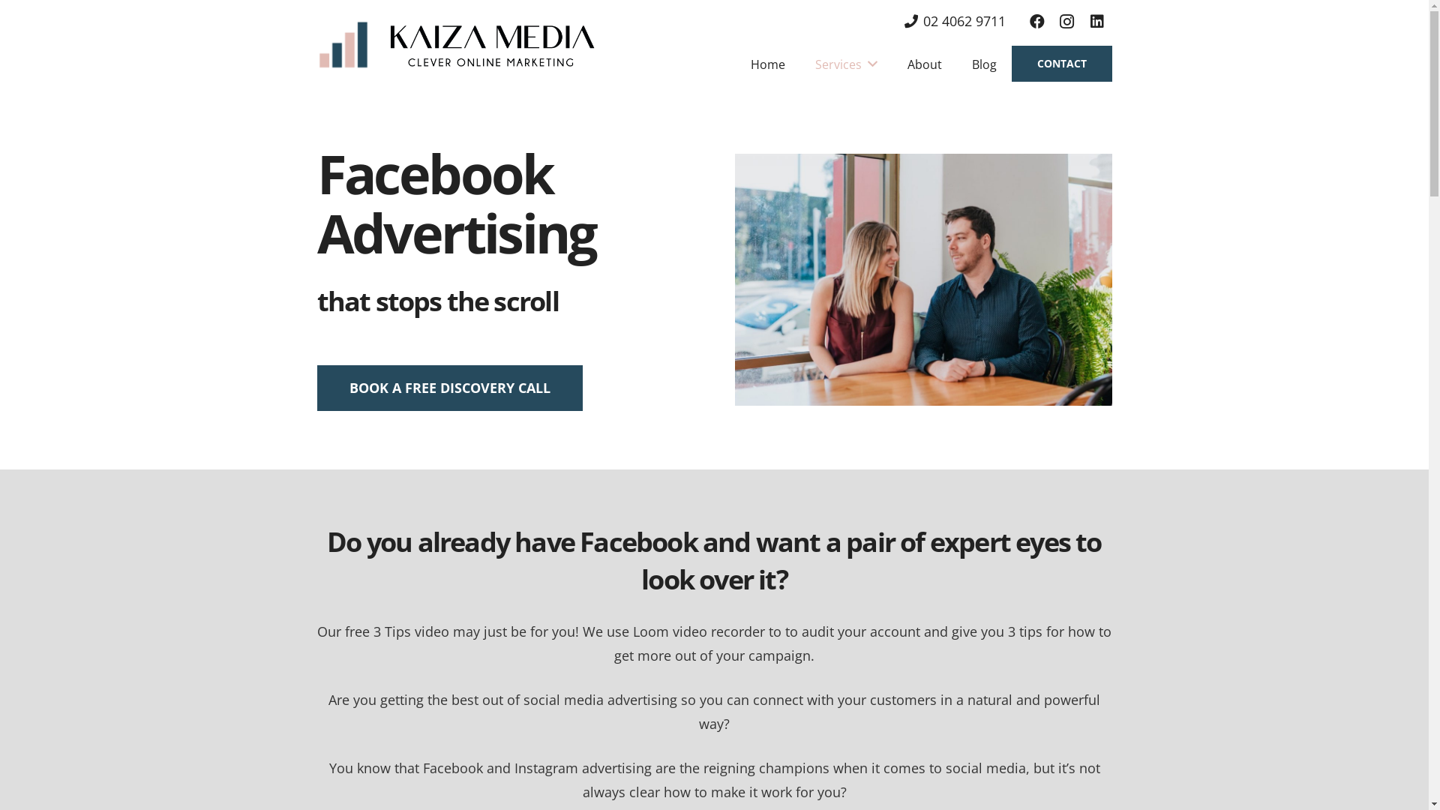 The height and width of the screenshot is (810, 1440). What do you see at coordinates (984, 63) in the screenshot?
I see `'Blog'` at bounding box center [984, 63].